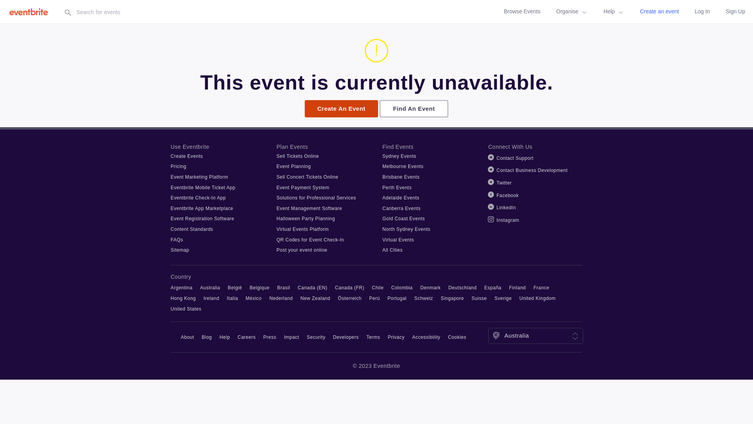 The width and height of the screenshot is (753, 424). Describe the element at coordinates (346, 337) in the screenshot. I see `'Developers'` at that location.